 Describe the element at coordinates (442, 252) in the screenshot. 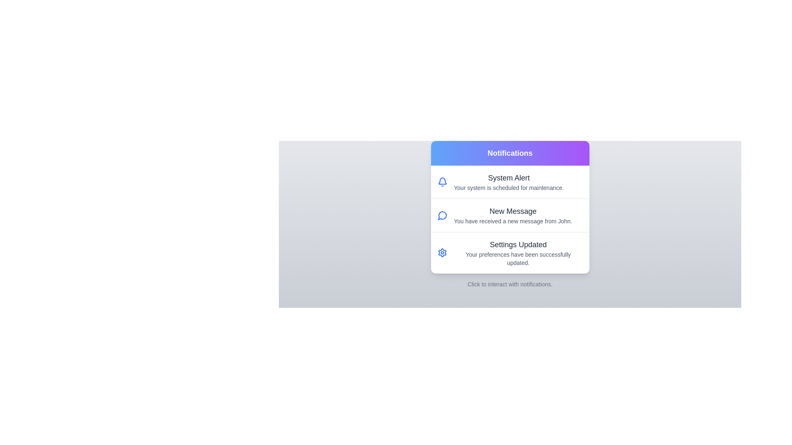

I see `the icon associated with the notification titled 'Settings Updated'` at that location.